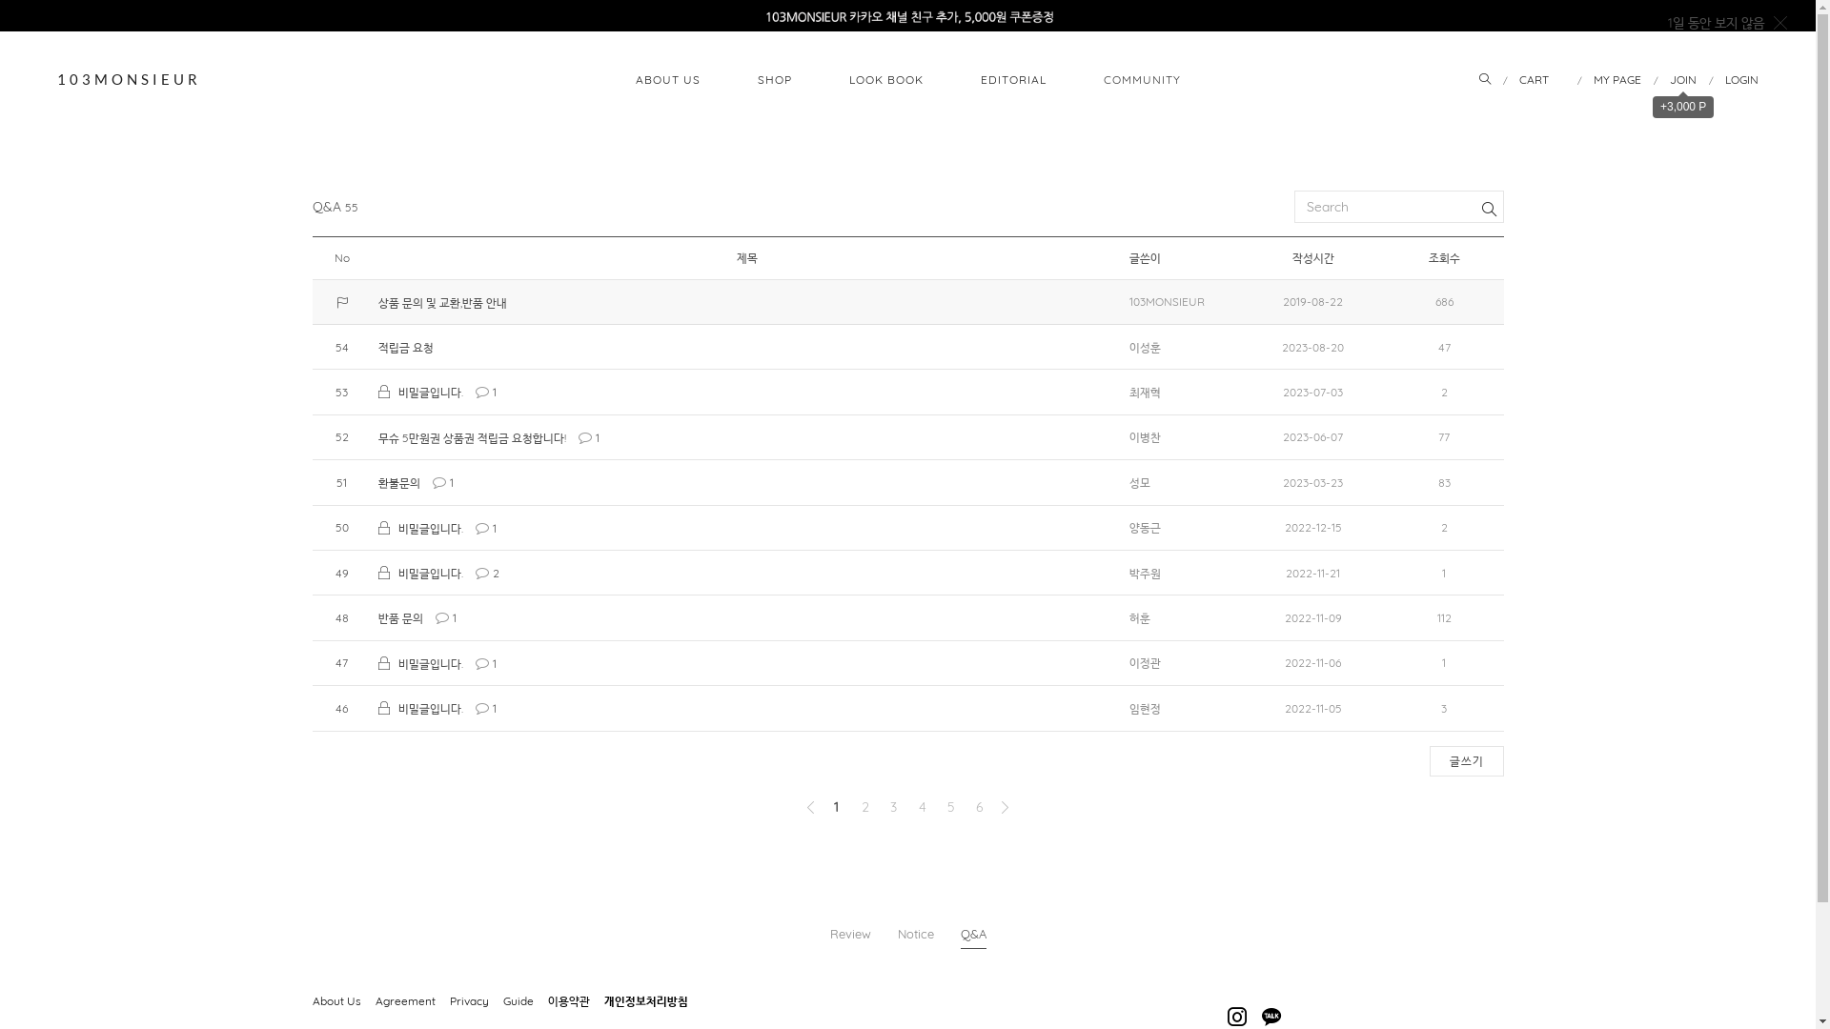 This screenshot has width=1830, height=1029. Describe the element at coordinates (951, 807) in the screenshot. I see `'5'` at that location.